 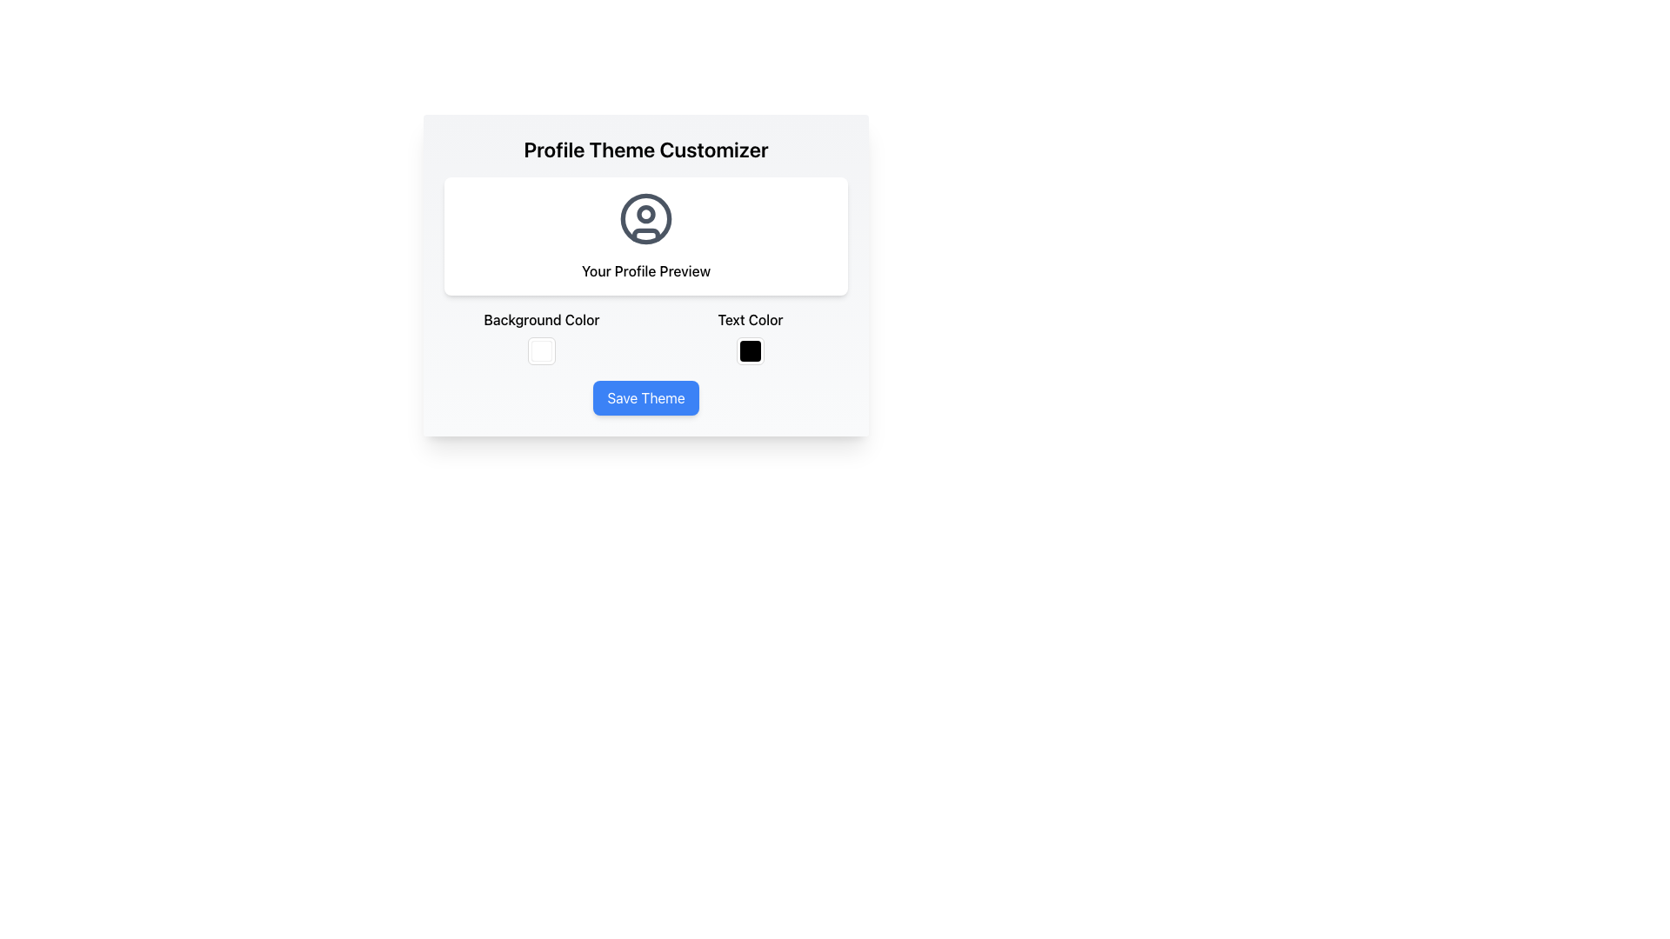 I want to click on the small square color picker box, which has a black fill color and a light border, located in the 'Text Color' section adjacent to its label, so click(x=751, y=351).